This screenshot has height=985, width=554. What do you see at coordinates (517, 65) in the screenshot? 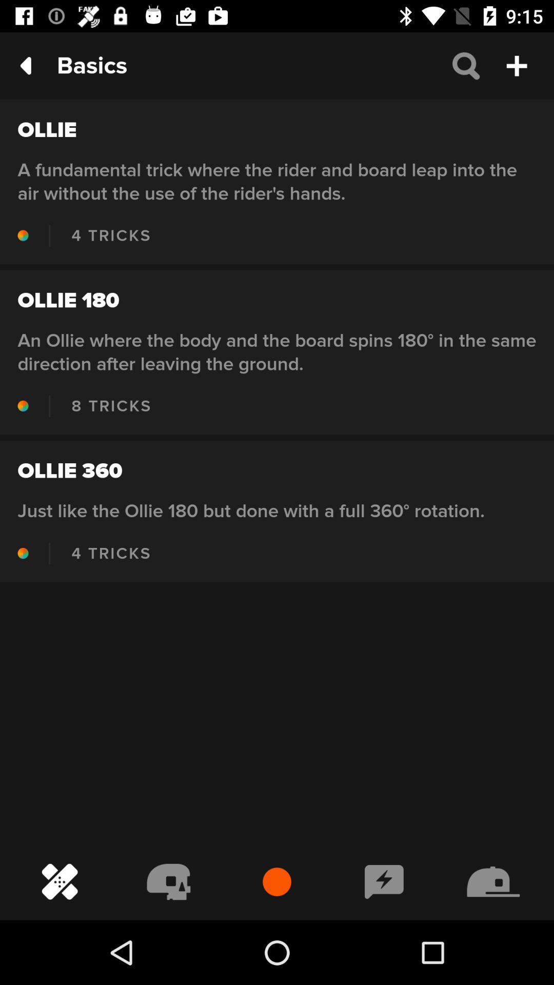
I see `the add icon` at bounding box center [517, 65].